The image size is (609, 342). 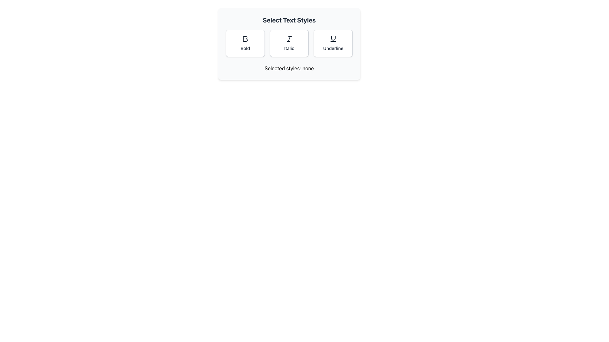 I want to click on the 'Italic' button, which is the second button in a grid of three under the title 'Select Text Styles' and features an italicized 'I' icon, so click(x=289, y=43).